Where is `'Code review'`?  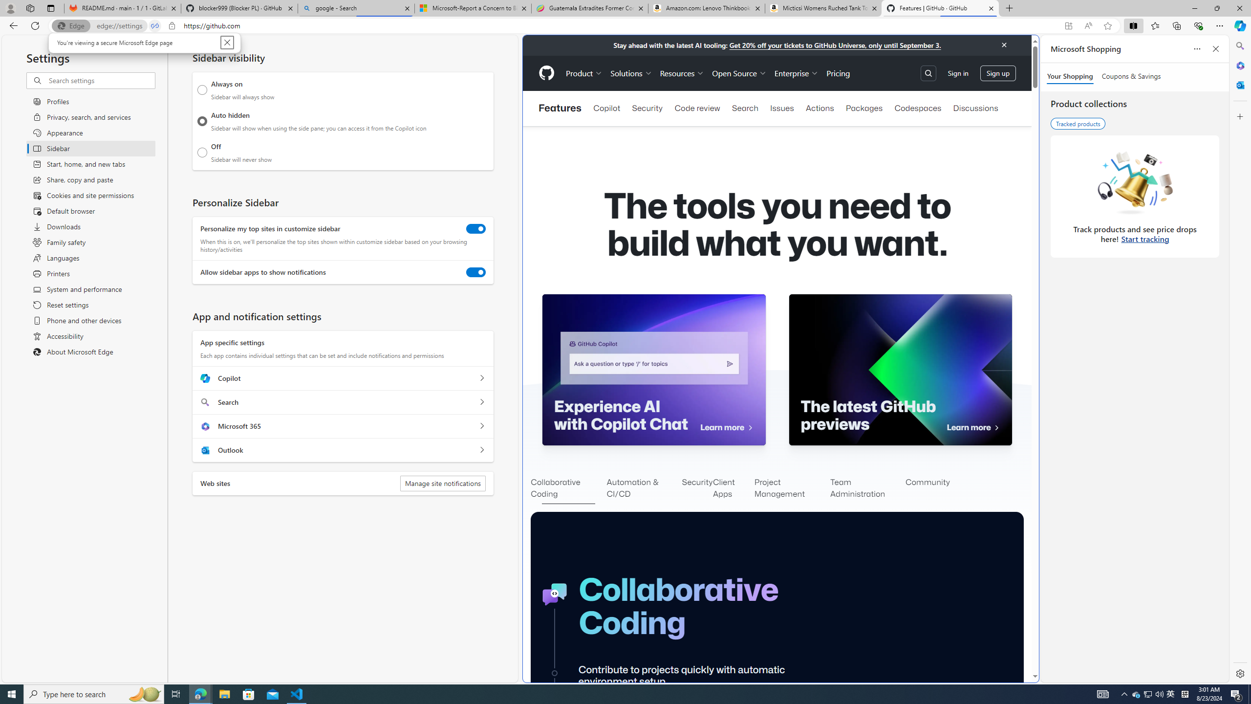 'Code review' is located at coordinates (697, 108).